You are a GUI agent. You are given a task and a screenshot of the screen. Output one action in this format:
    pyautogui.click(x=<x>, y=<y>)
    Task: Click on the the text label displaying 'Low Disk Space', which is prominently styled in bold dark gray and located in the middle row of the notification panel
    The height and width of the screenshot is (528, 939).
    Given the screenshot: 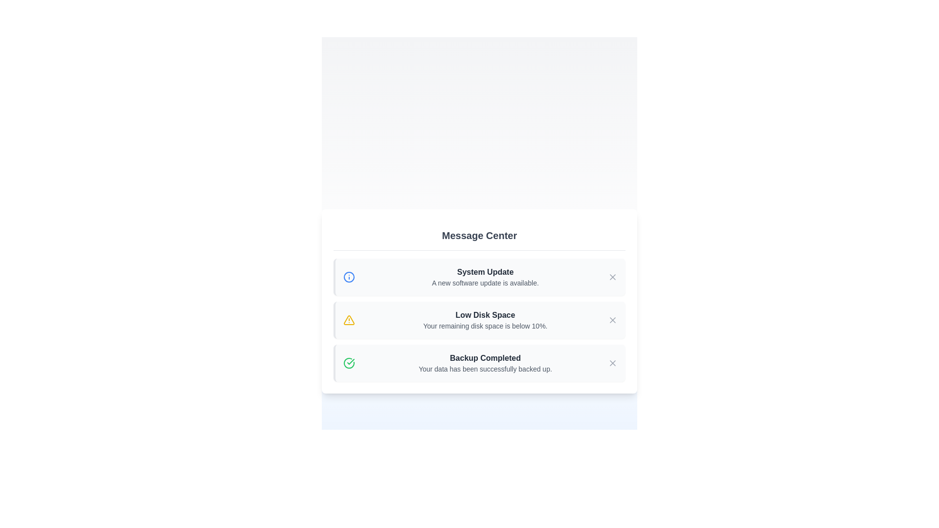 What is the action you would take?
    pyautogui.click(x=485, y=315)
    